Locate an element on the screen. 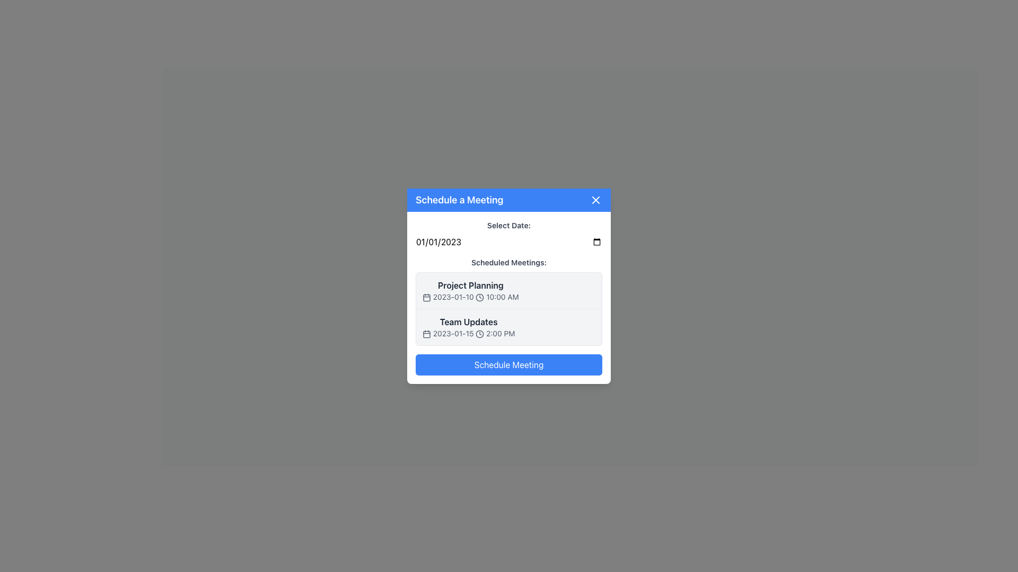  the static text displaying the date and time details of the 'Project Planning' meeting, which is located in the second row of the 'Scheduled Meetings' section is located at coordinates (470, 297).